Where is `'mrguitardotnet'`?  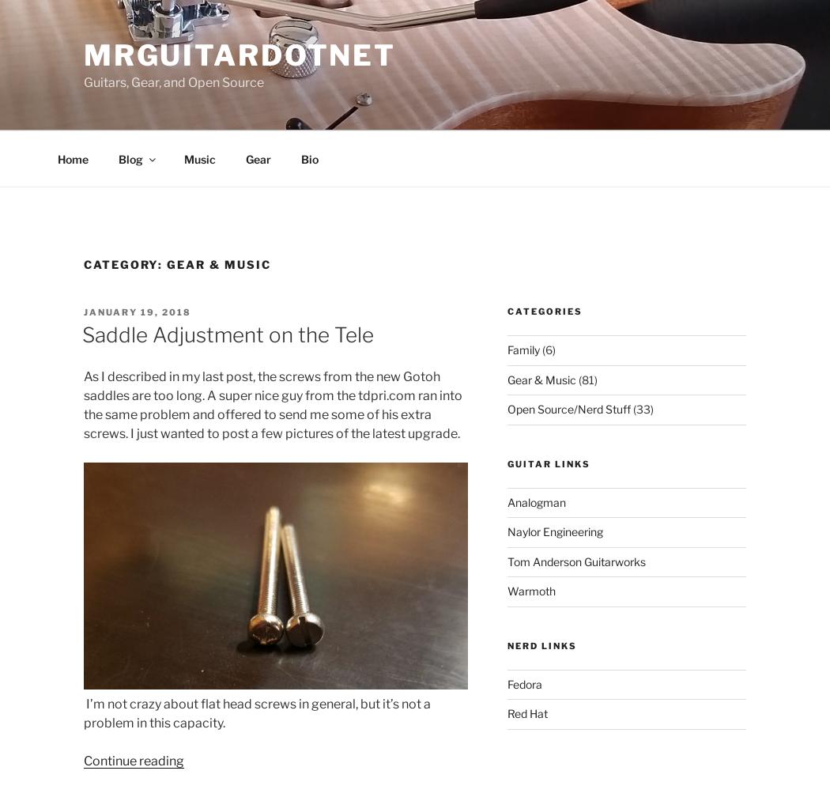 'mrguitardotnet' is located at coordinates (240, 54).